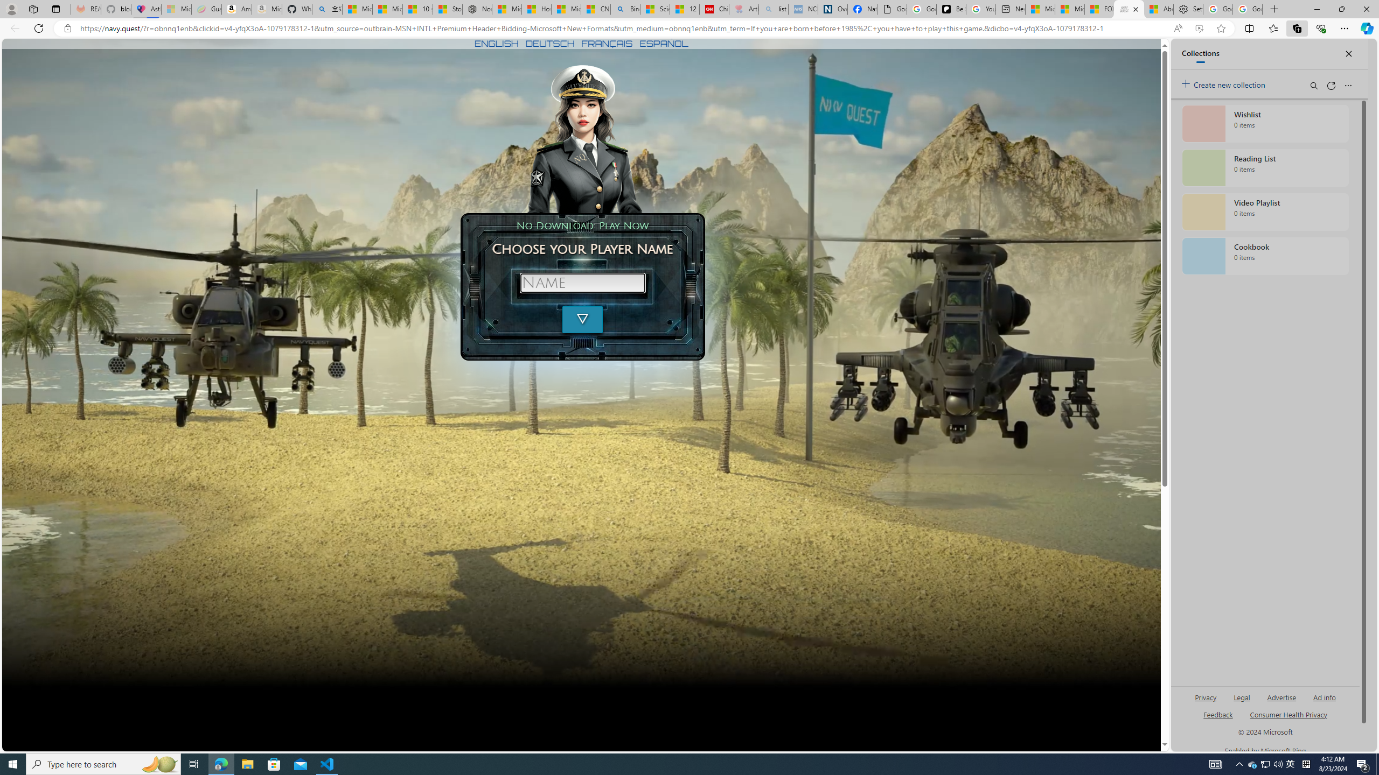  Describe the element at coordinates (67, 29) in the screenshot. I see `'View site information'` at that location.